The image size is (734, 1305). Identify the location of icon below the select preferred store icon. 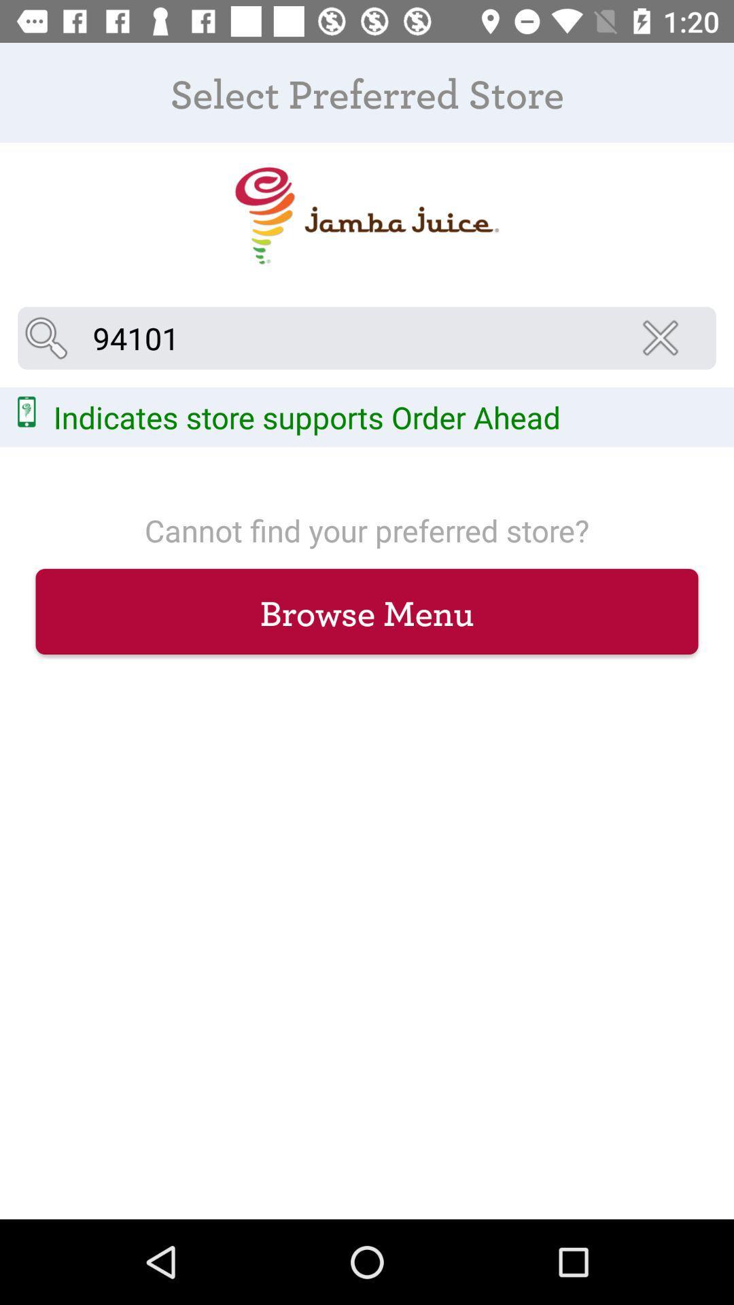
(366, 215).